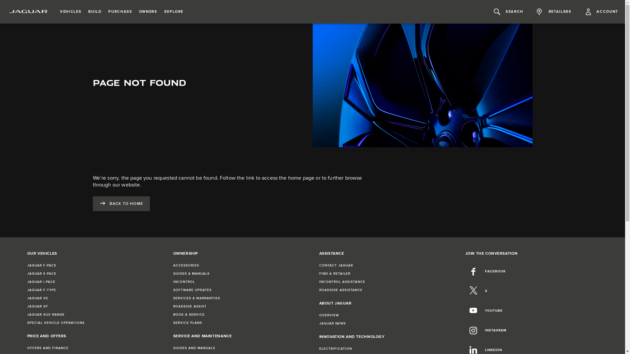 The width and height of the screenshot is (630, 354). I want to click on 'JAGUAR XE', so click(37, 298).